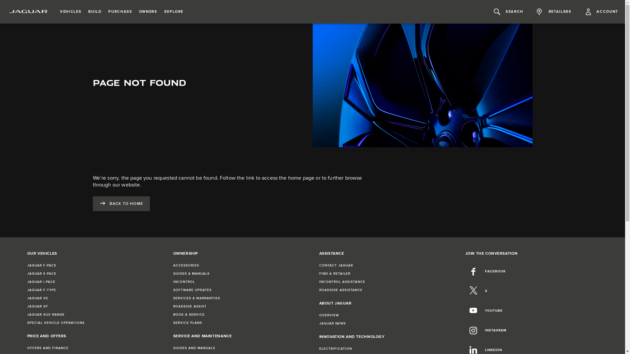 The width and height of the screenshot is (630, 354). I want to click on 'JAGUAR XE', so click(37, 298).